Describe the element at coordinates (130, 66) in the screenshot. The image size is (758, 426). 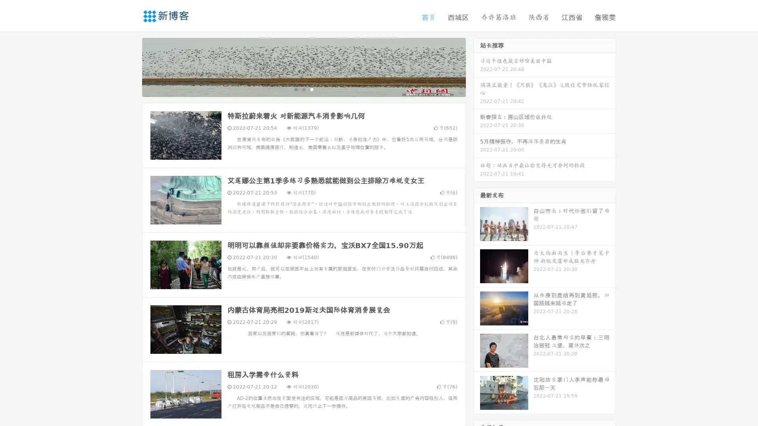
I see `Previous slide` at that location.